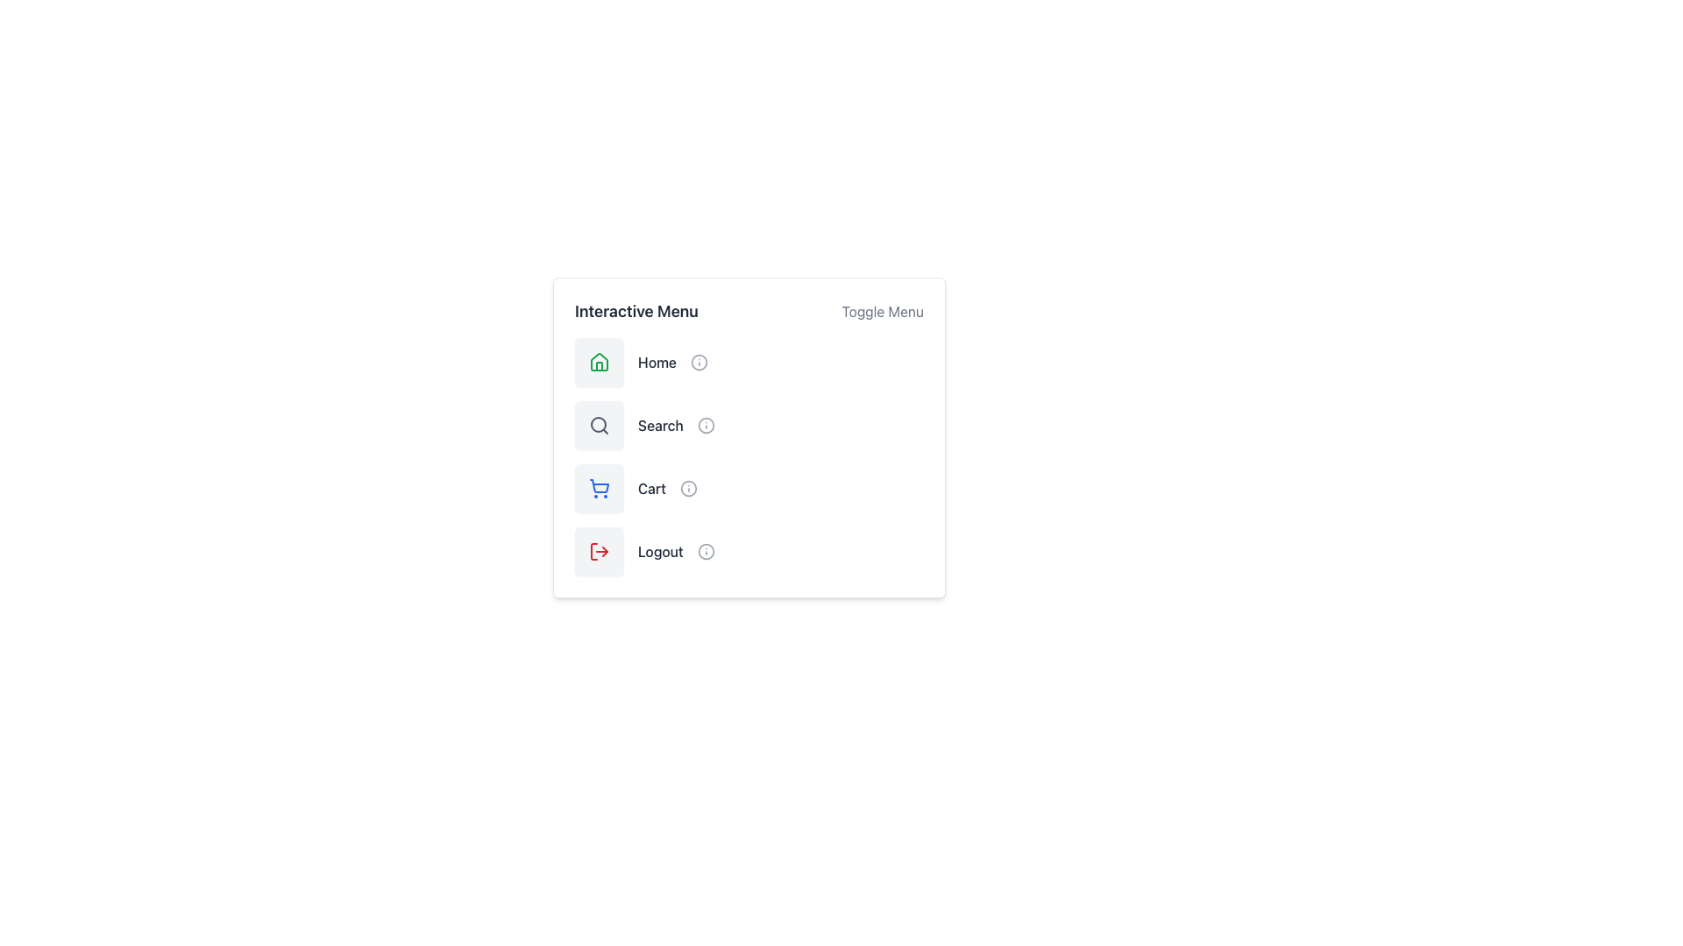 Image resolution: width=1683 pixels, height=946 pixels. What do you see at coordinates (605, 550) in the screenshot?
I see `the small, red triangular arrow pointing to the left, which is the second icon within the Logout button group, located to the right of the main text label` at bounding box center [605, 550].